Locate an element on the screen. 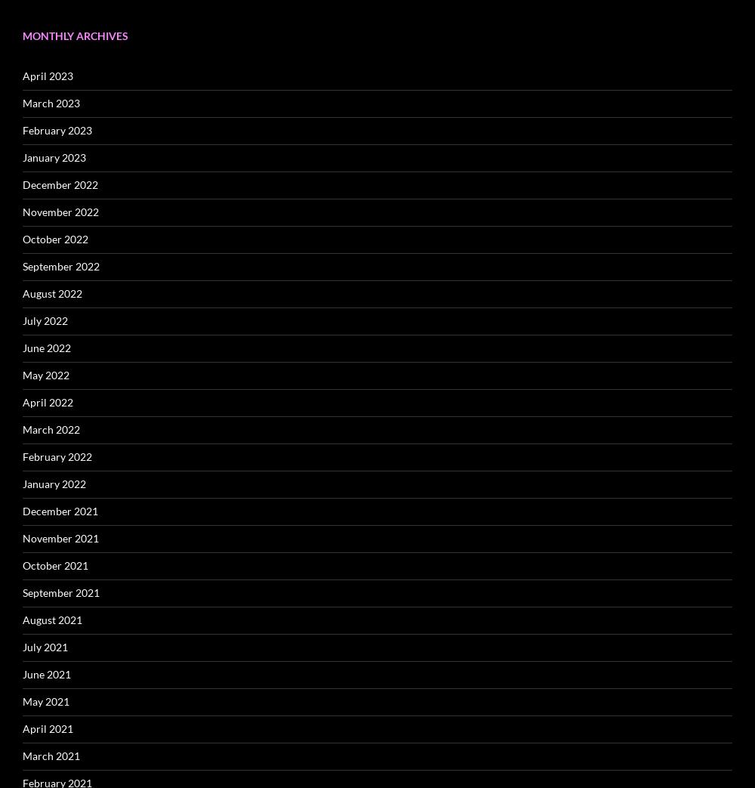  'January 2022' is located at coordinates (54, 483).